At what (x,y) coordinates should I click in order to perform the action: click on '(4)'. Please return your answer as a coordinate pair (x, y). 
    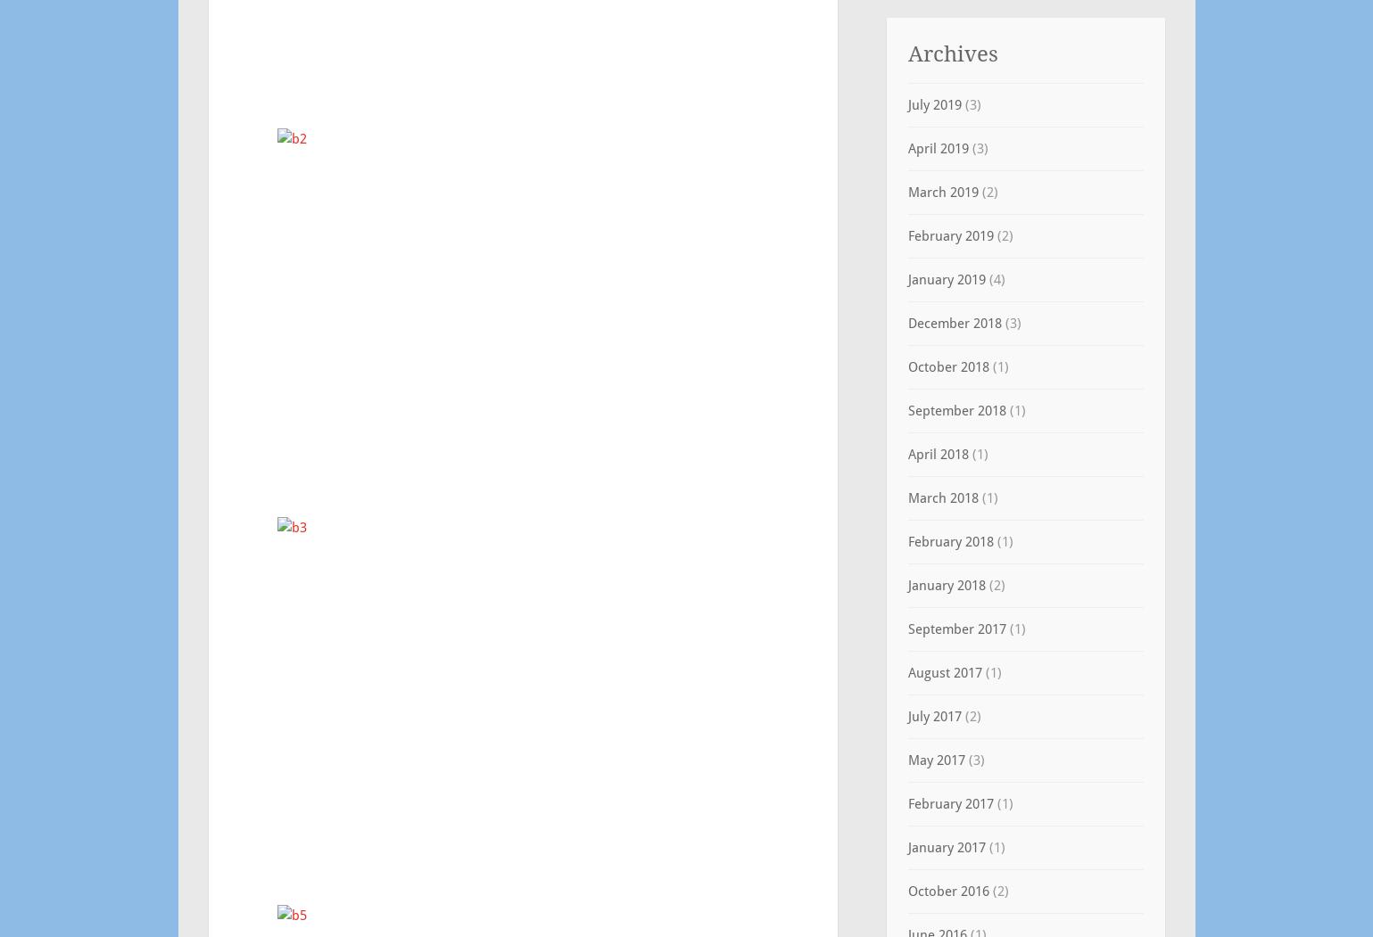
    Looking at the image, I should click on (994, 279).